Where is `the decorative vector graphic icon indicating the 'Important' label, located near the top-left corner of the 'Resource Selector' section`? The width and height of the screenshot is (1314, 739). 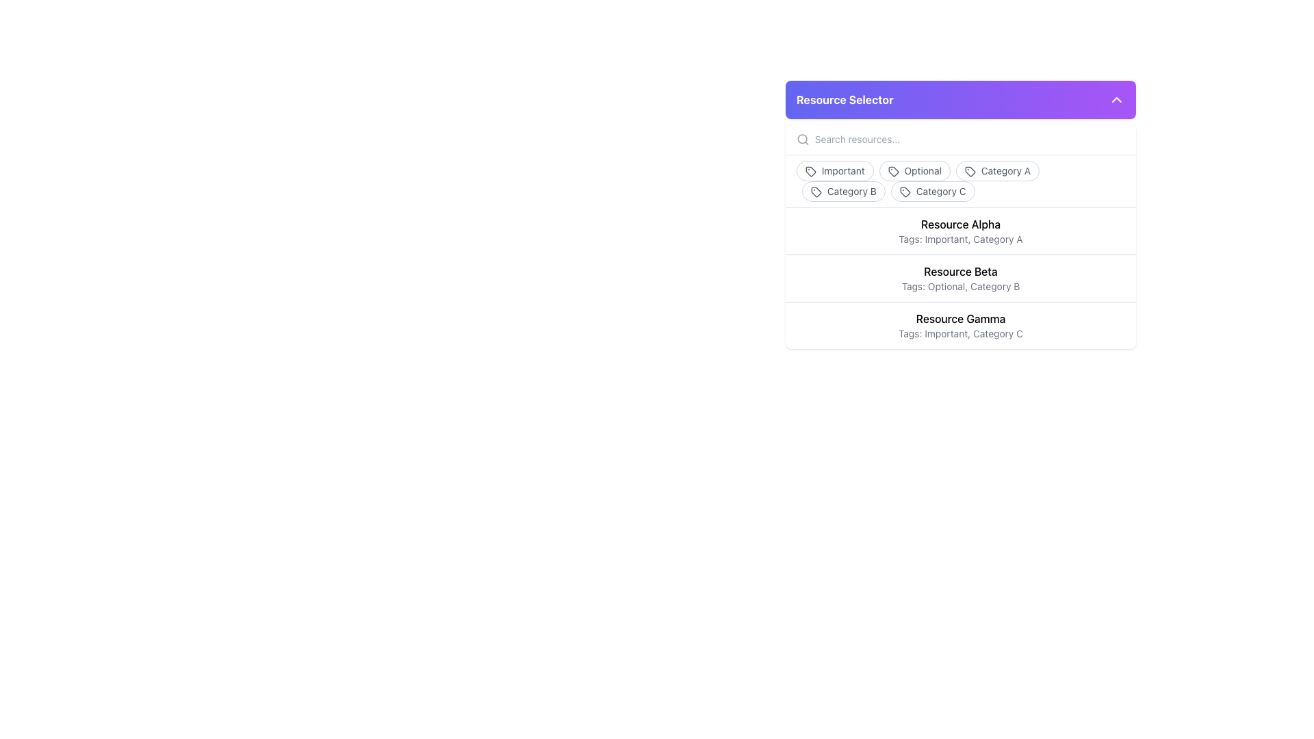 the decorative vector graphic icon indicating the 'Important' label, located near the top-left corner of the 'Resource Selector' section is located at coordinates (811, 171).